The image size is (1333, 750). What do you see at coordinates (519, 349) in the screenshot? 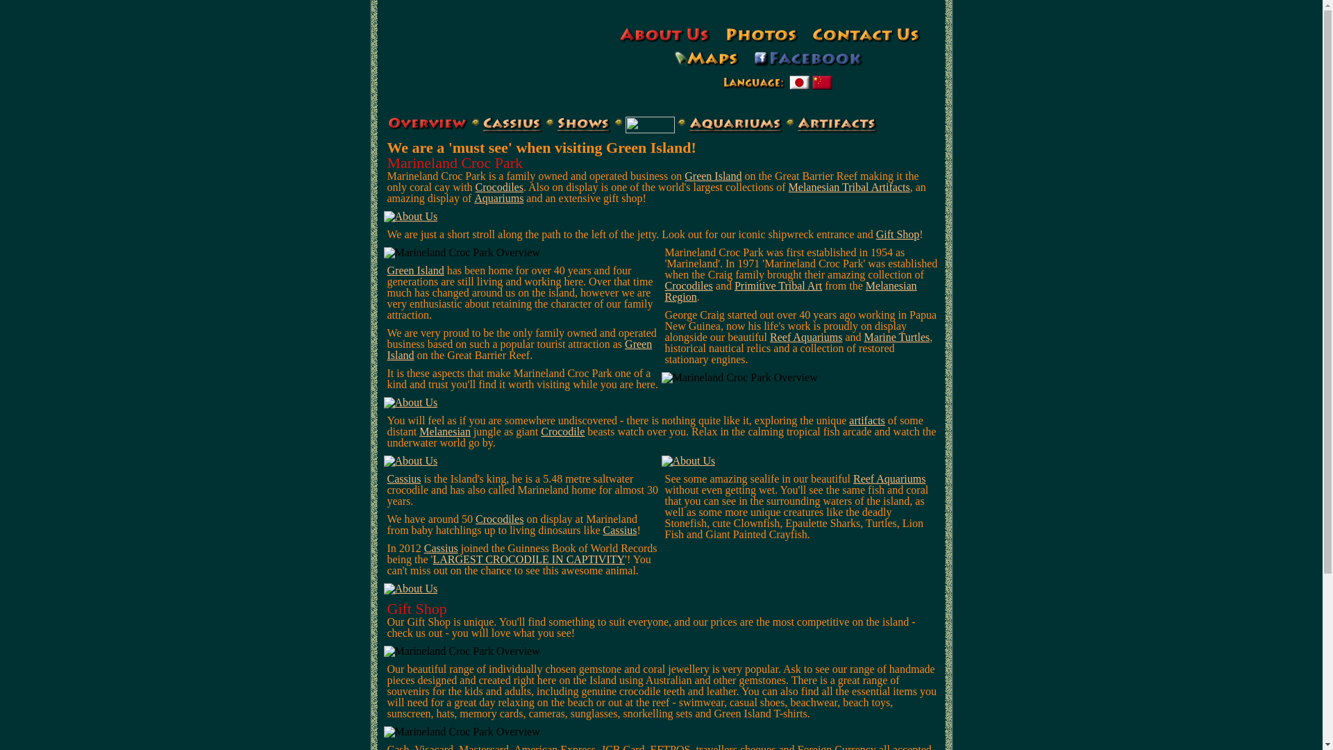
I see `'Green Island'` at bounding box center [519, 349].